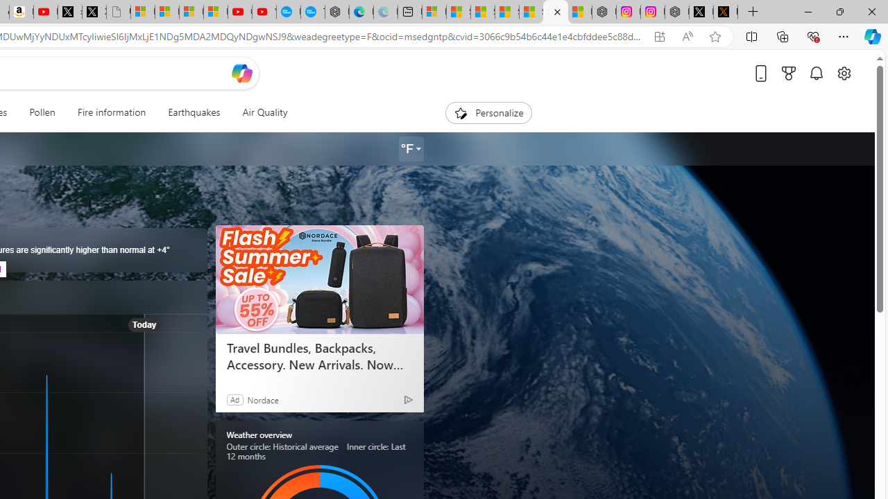 This screenshot has width=888, height=499. Describe the element at coordinates (194, 112) in the screenshot. I see `'Earthquakes'` at that location.